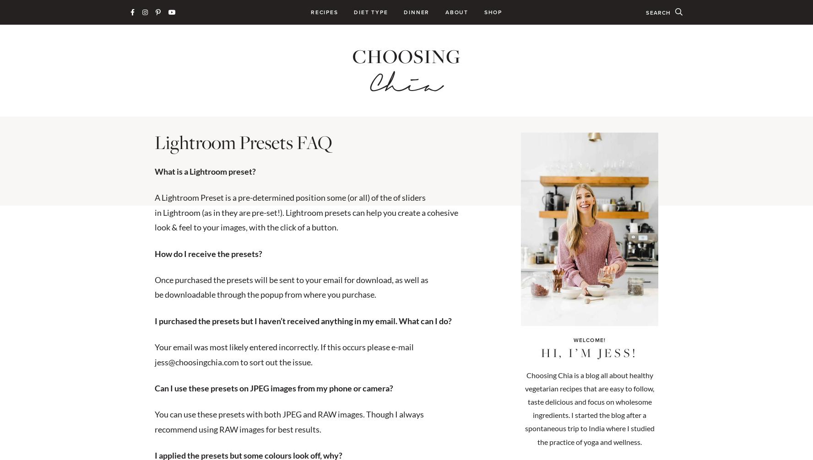 This screenshot has height=460, width=813. I want to click on 'Dinner', so click(416, 12).